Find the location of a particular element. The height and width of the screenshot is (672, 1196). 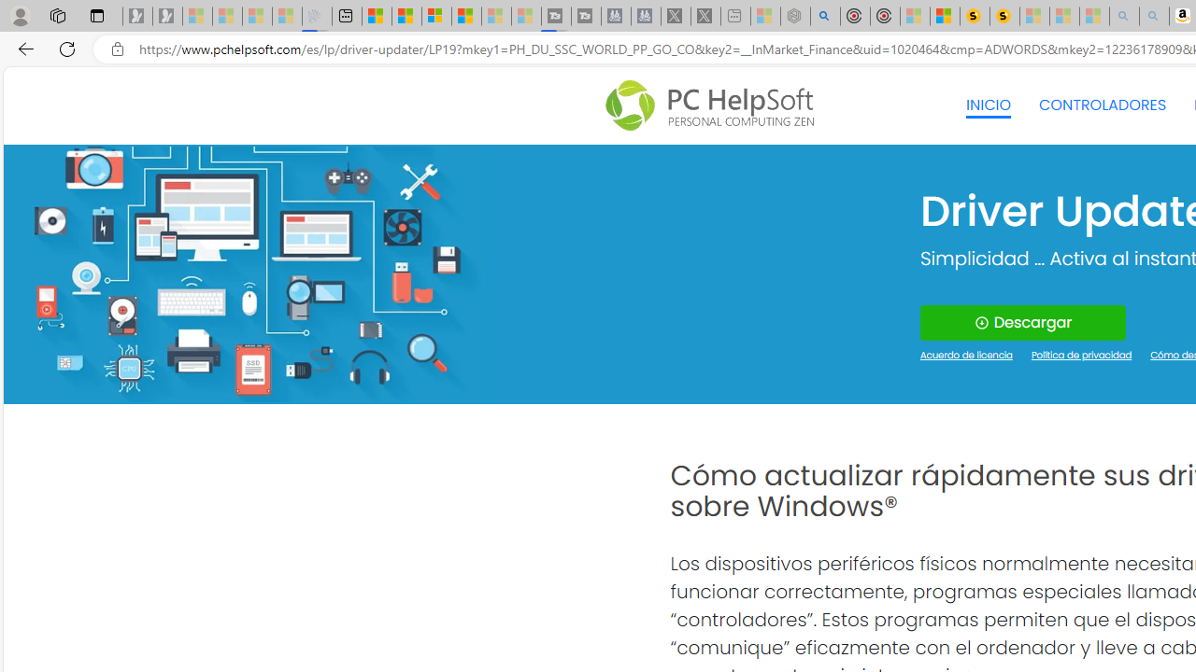

'amazon - Search - Sleeping' is located at coordinates (1123, 16).